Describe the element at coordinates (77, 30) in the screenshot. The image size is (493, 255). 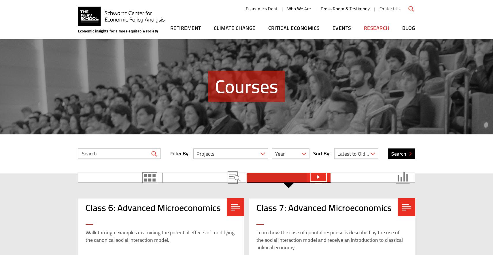
I see `'Economic insights for a more equitable society'` at that location.